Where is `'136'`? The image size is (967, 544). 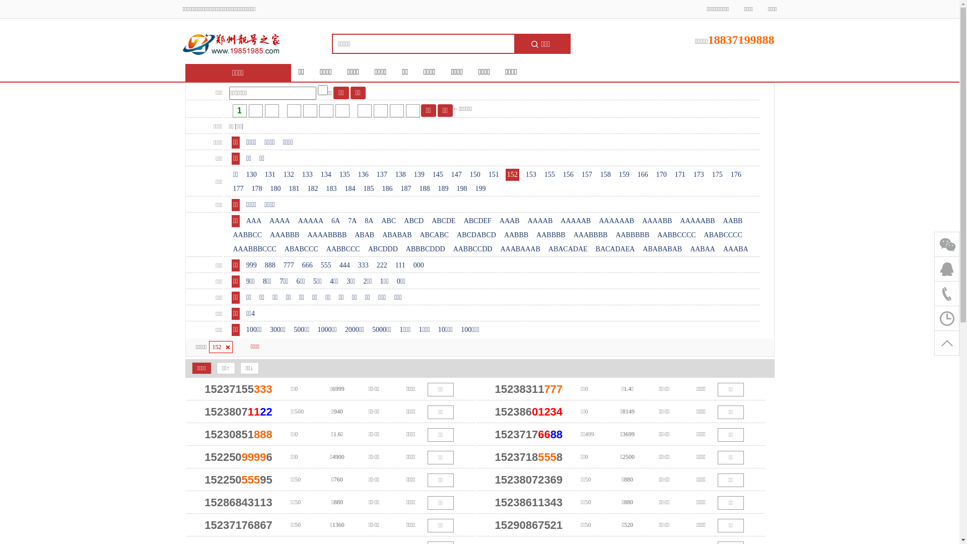 '136' is located at coordinates (363, 174).